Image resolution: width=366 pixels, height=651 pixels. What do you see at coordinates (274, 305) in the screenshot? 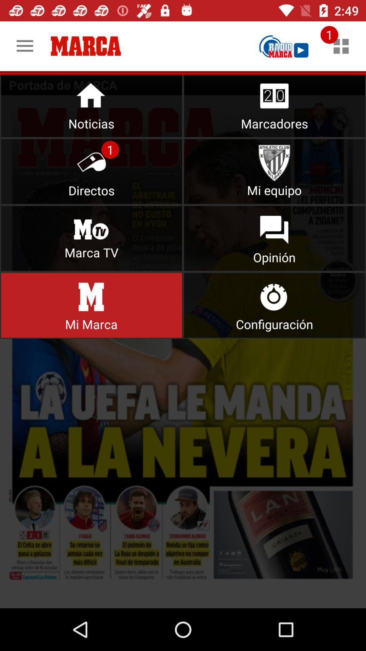
I see `user preferences` at bounding box center [274, 305].